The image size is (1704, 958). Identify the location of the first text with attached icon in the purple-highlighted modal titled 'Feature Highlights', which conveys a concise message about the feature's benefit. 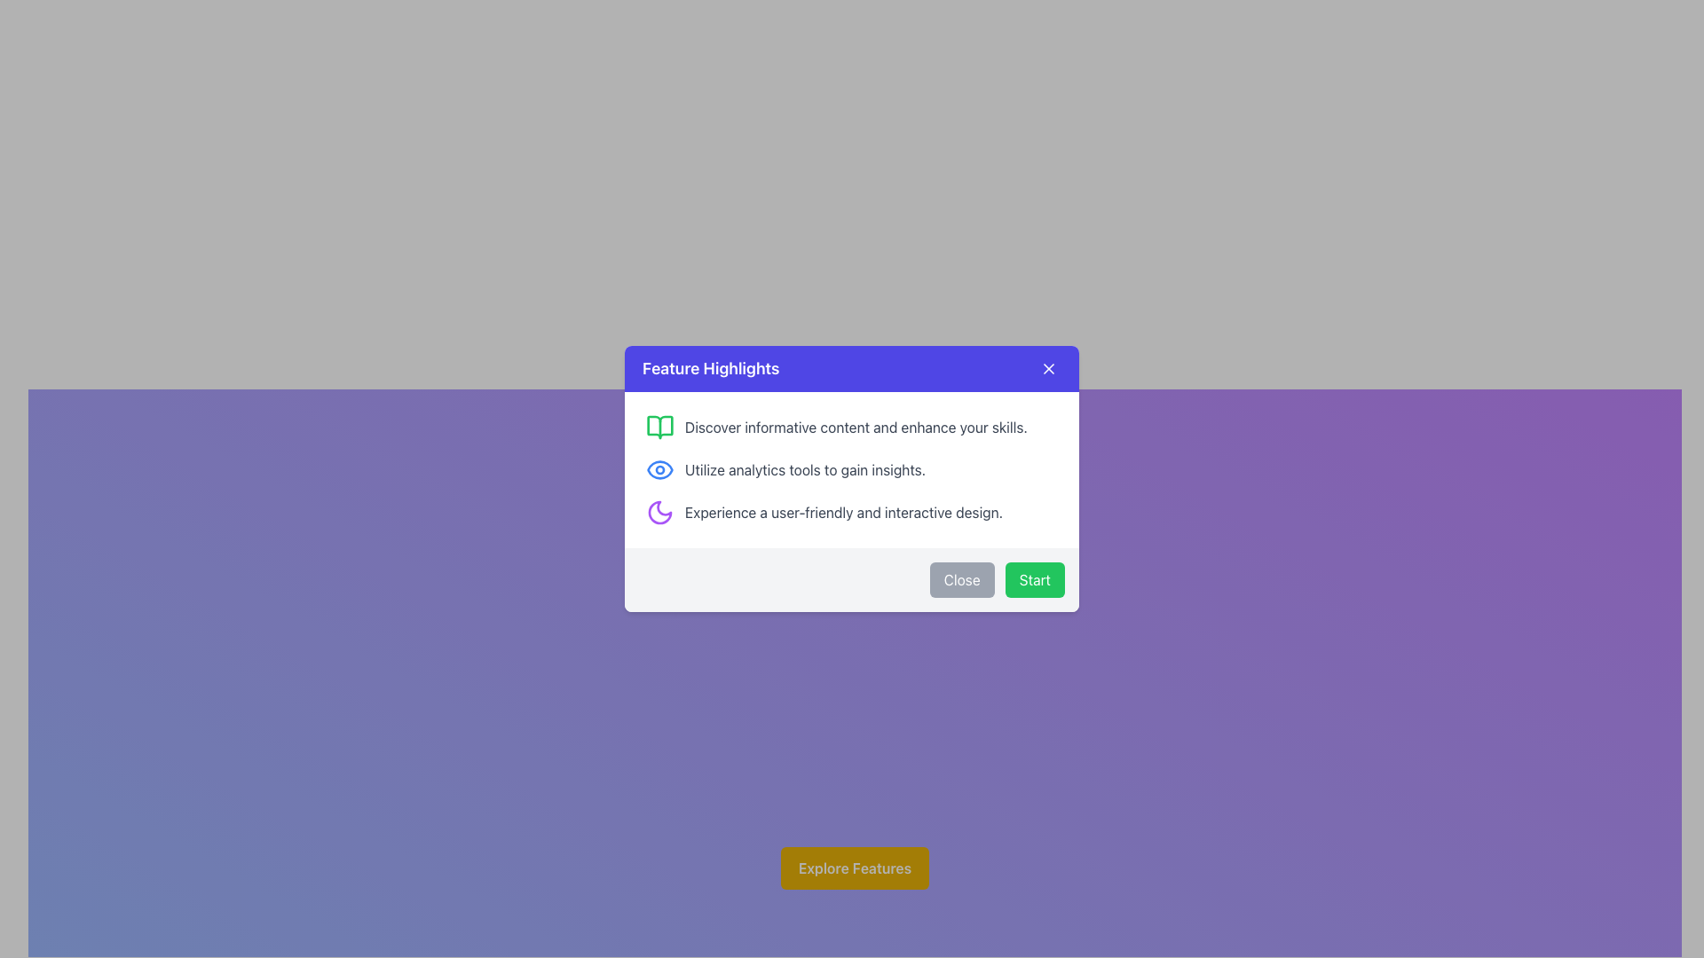
(852, 428).